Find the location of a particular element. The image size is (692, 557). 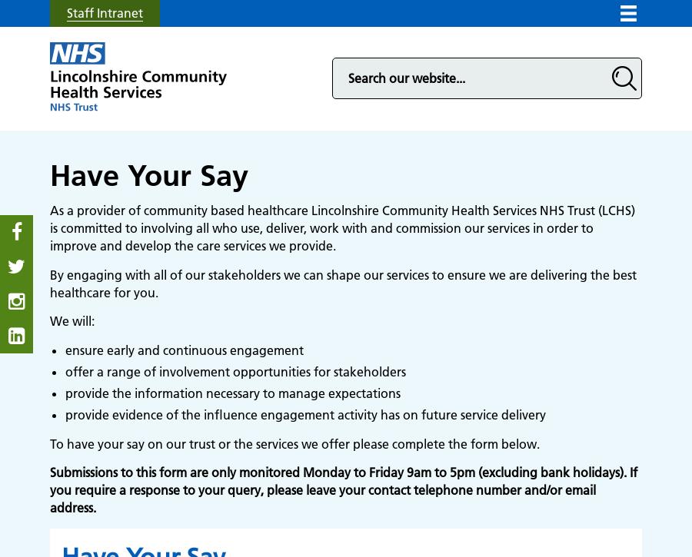

'offer a range of involvement opportunities for stakeholders' is located at coordinates (235, 372).